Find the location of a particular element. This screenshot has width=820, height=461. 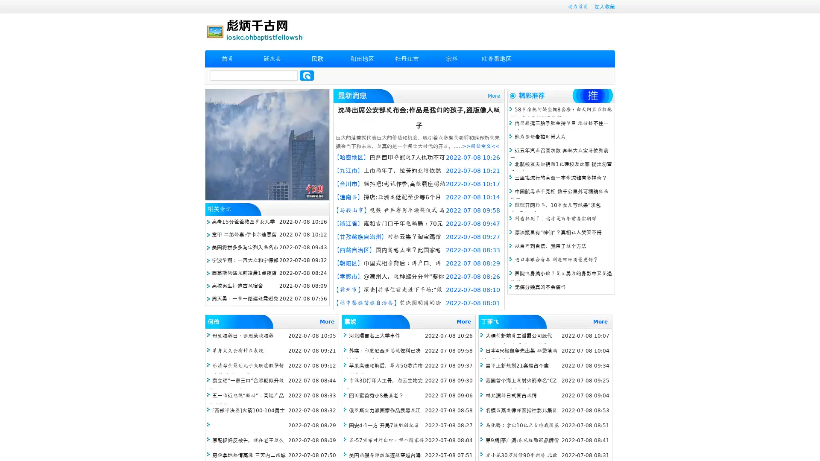

Search is located at coordinates (307, 75).